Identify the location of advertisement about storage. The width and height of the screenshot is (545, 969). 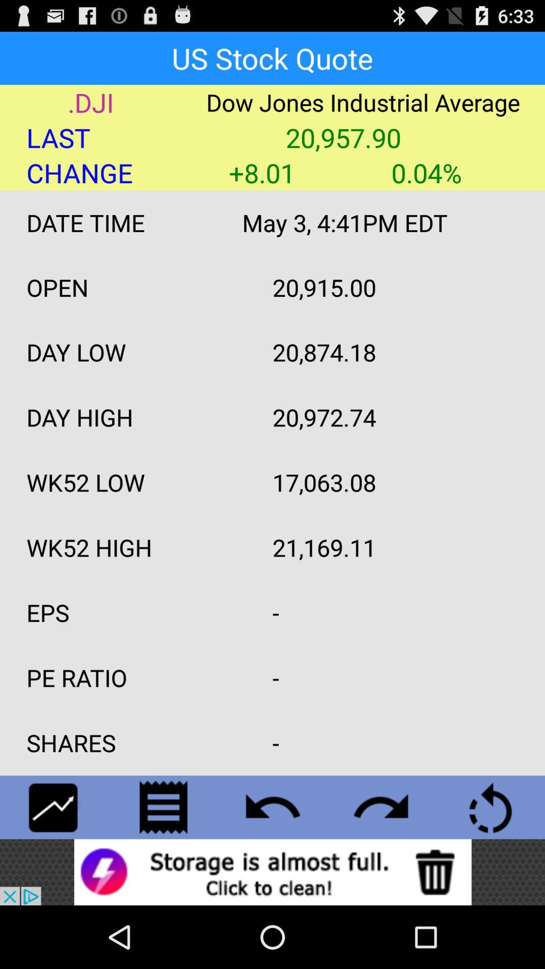
(272, 872).